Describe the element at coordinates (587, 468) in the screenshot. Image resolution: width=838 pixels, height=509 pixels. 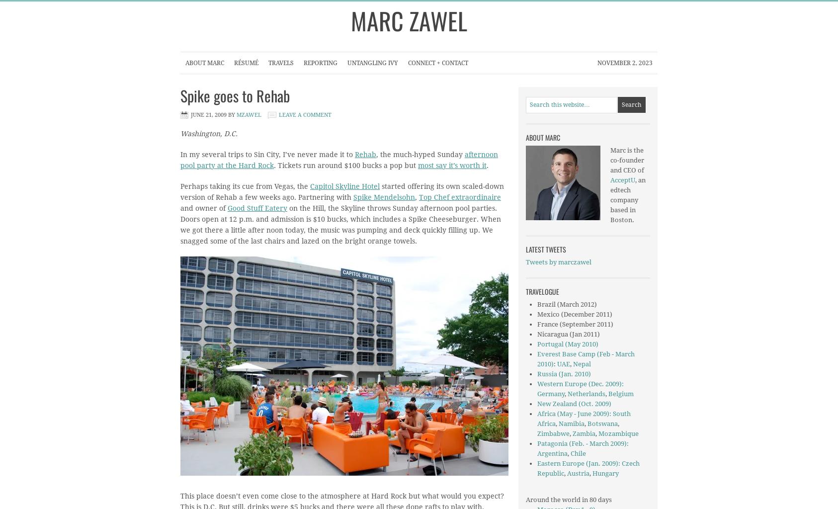
I see `'Czech Republic'` at that location.